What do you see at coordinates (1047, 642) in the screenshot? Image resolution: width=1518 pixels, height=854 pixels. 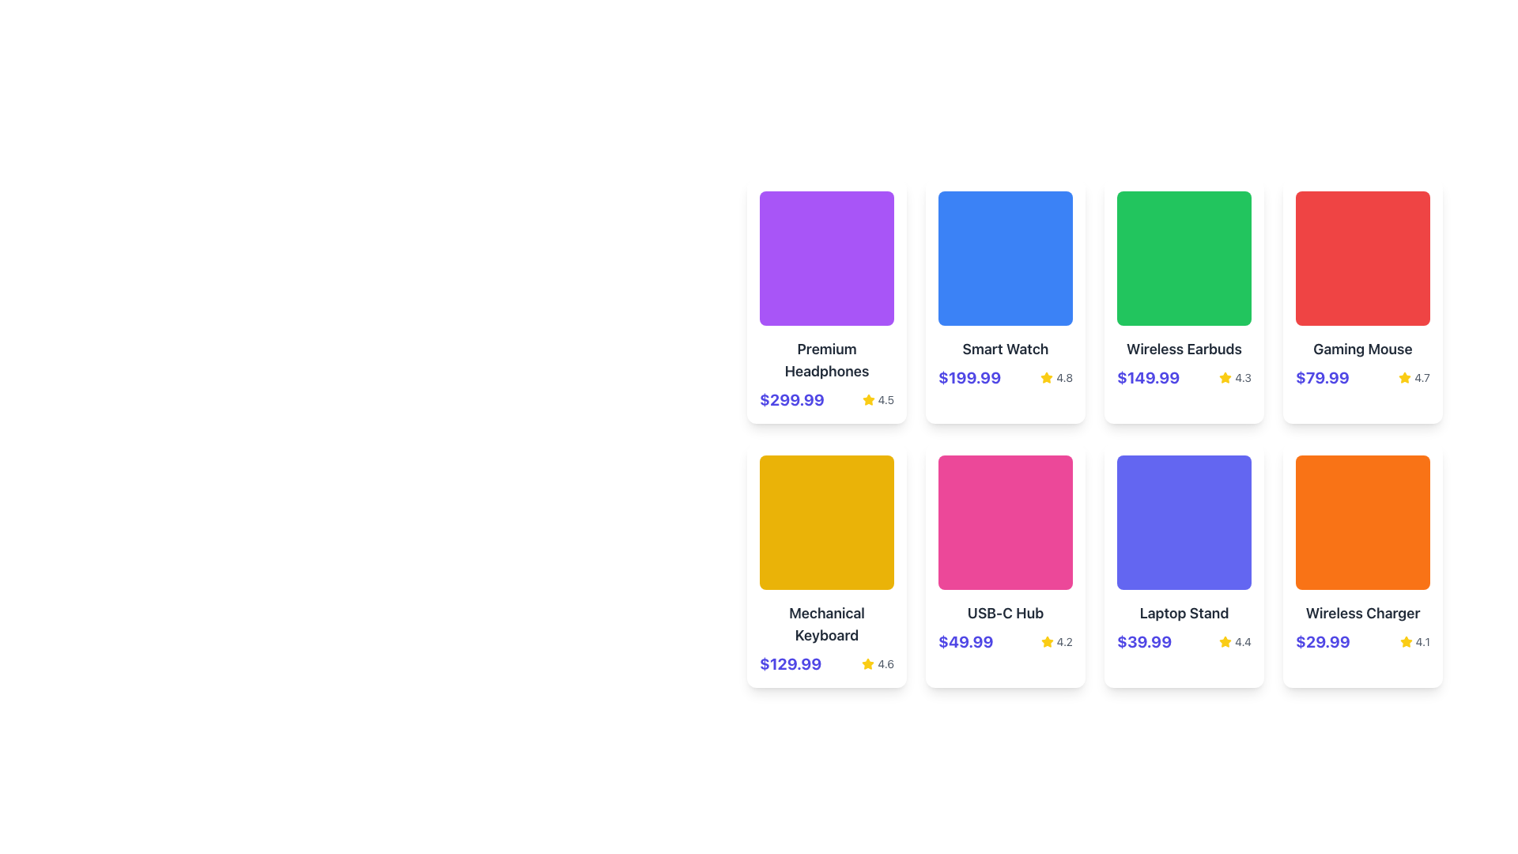 I see `the rating star icon that indicates a rating score of 4.2 for the USB-C Hub product, located in the second row, second column of the card grid layout` at bounding box center [1047, 642].